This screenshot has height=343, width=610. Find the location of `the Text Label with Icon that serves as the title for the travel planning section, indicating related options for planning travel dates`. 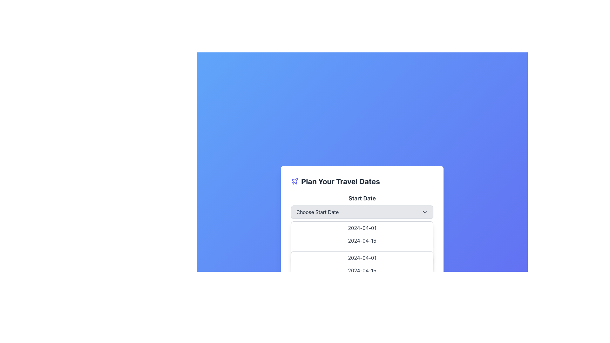

the Text Label with Icon that serves as the title for the travel planning section, indicating related options for planning travel dates is located at coordinates (362, 181).